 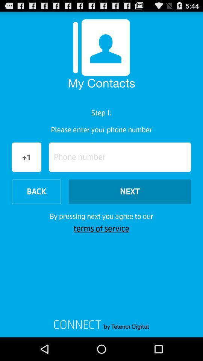 What do you see at coordinates (101, 228) in the screenshot?
I see `terms of service item` at bounding box center [101, 228].